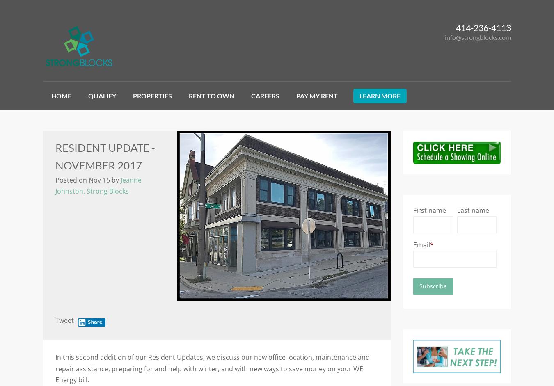 The width and height of the screenshot is (554, 386). I want to click on 'First name', so click(412, 209).